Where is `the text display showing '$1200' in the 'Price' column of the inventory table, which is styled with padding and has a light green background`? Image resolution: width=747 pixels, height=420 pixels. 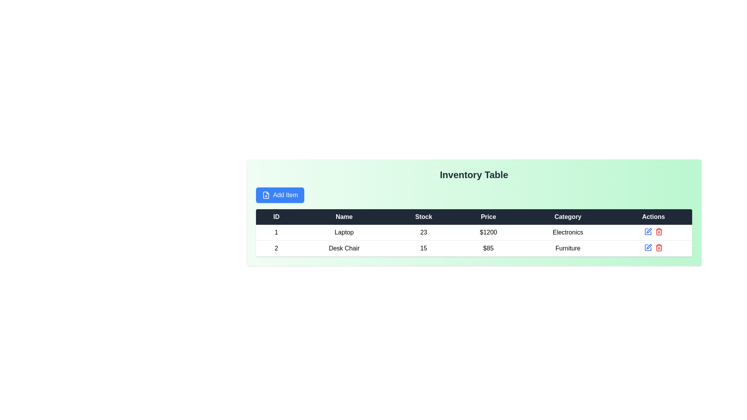 the text display showing '$1200' in the 'Price' column of the inventory table, which is styled with padding and has a light green background is located at coordinates (488, 232).